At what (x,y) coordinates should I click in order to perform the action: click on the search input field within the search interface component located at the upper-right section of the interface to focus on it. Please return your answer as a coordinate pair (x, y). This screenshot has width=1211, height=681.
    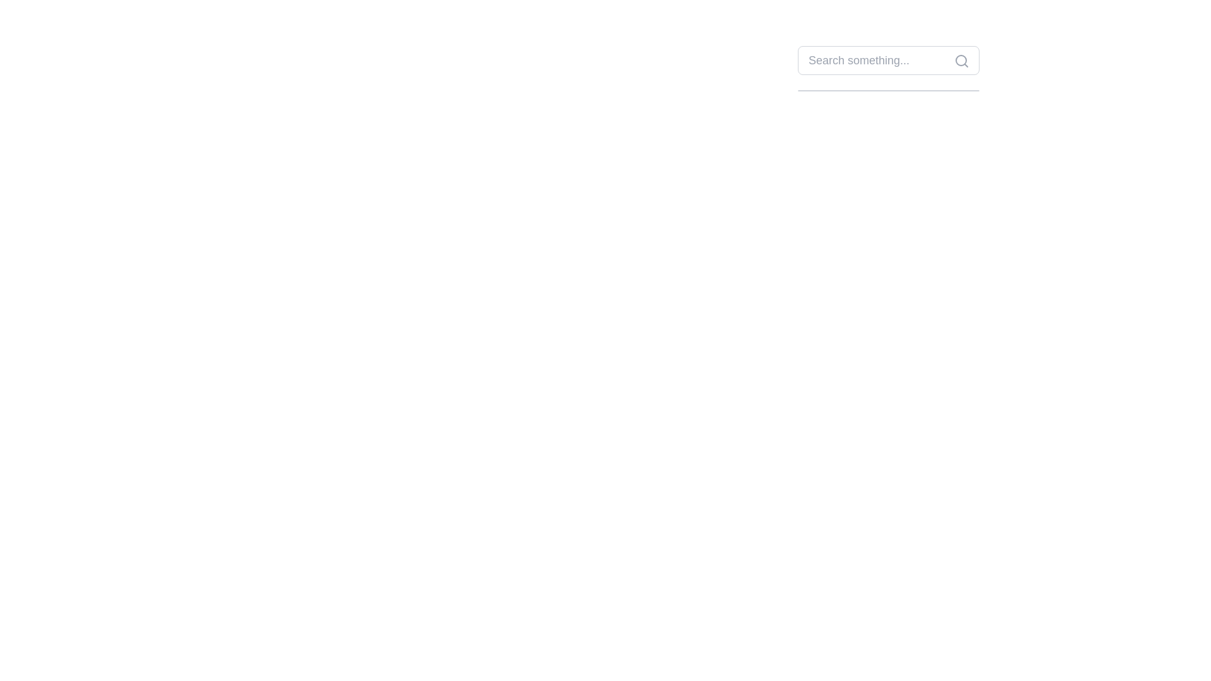
    Looking at the image, I should click on (888, 68).